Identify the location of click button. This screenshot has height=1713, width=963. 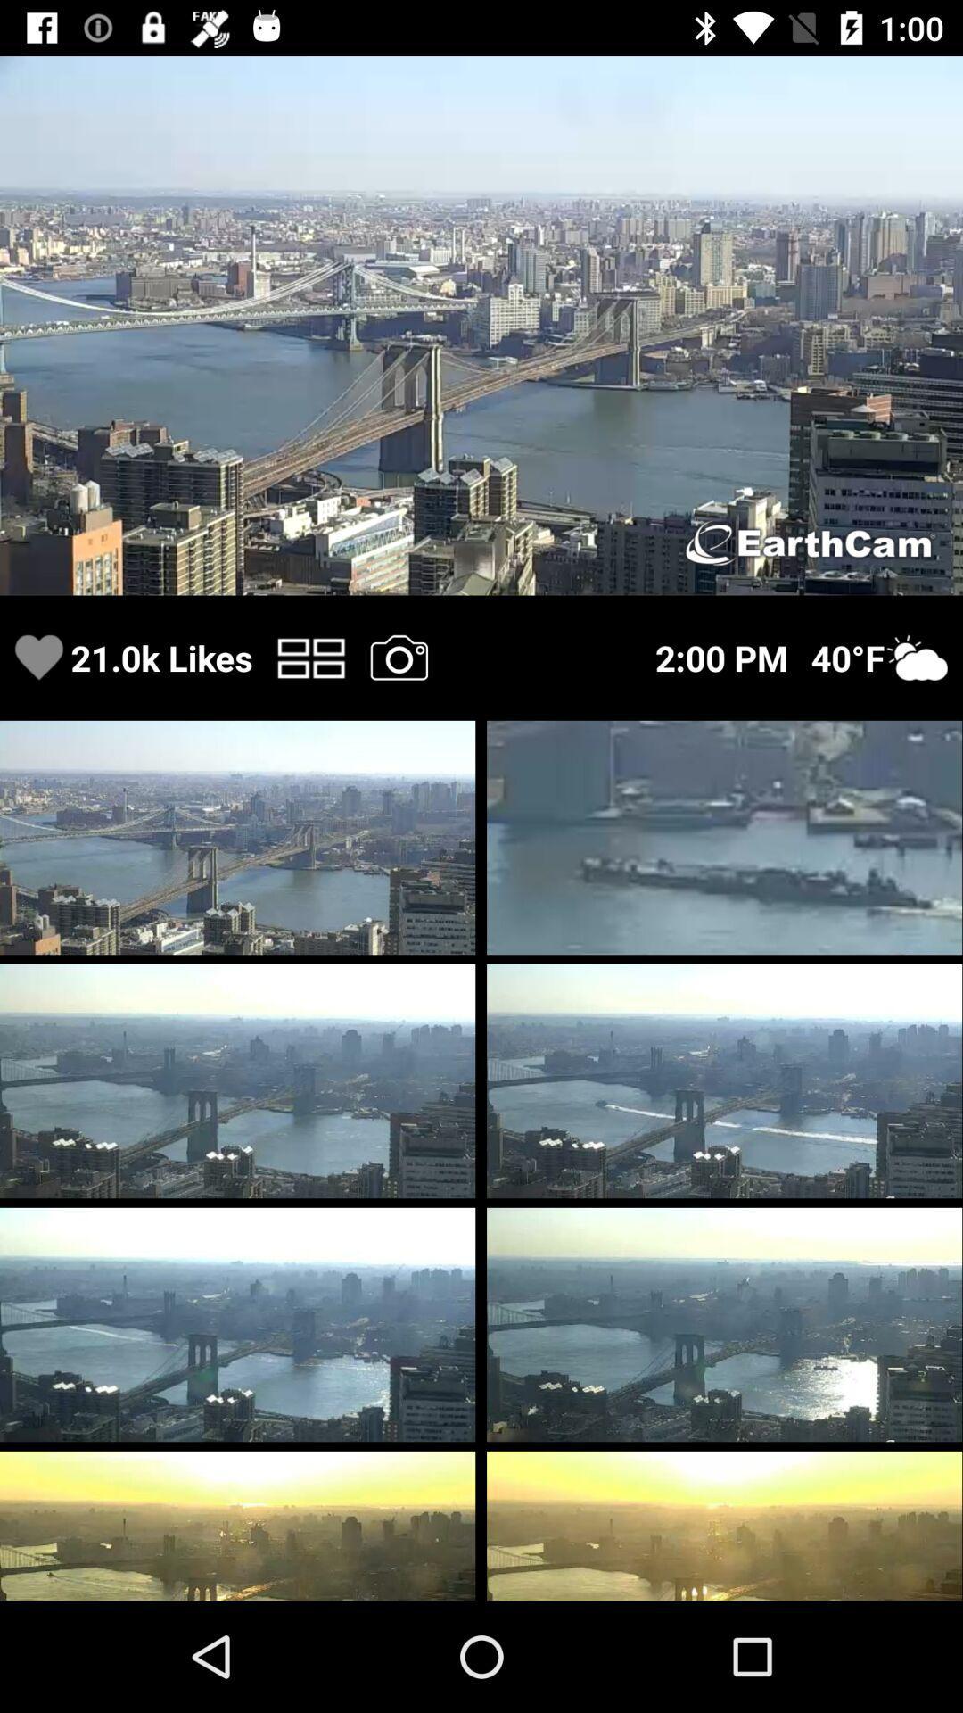
(310, 657).